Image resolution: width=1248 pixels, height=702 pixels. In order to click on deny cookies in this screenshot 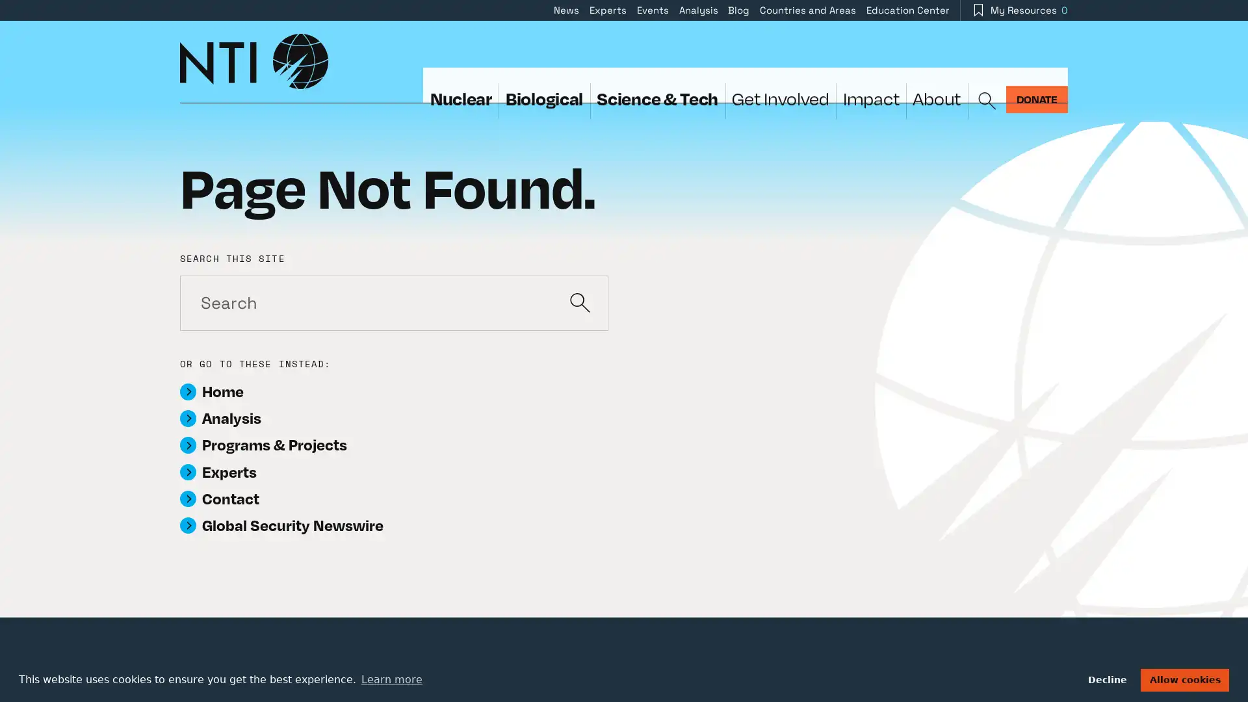, I will do `click(1106, 679)`.